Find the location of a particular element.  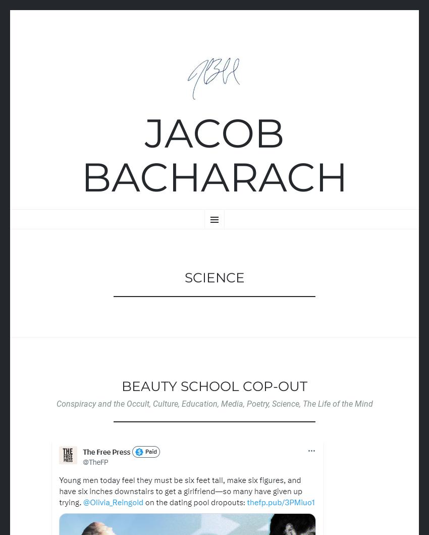

'Jacob Bacharach' is located at coordinates (215, 155).